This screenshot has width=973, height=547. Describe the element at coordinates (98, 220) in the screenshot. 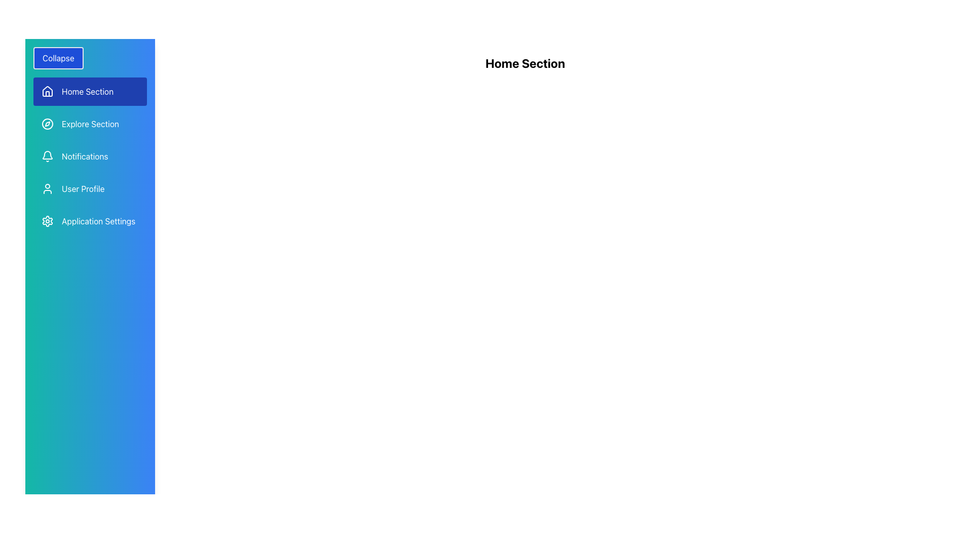

I see `the 'Application Settings' text label in the vertical navigation menu` at that location.